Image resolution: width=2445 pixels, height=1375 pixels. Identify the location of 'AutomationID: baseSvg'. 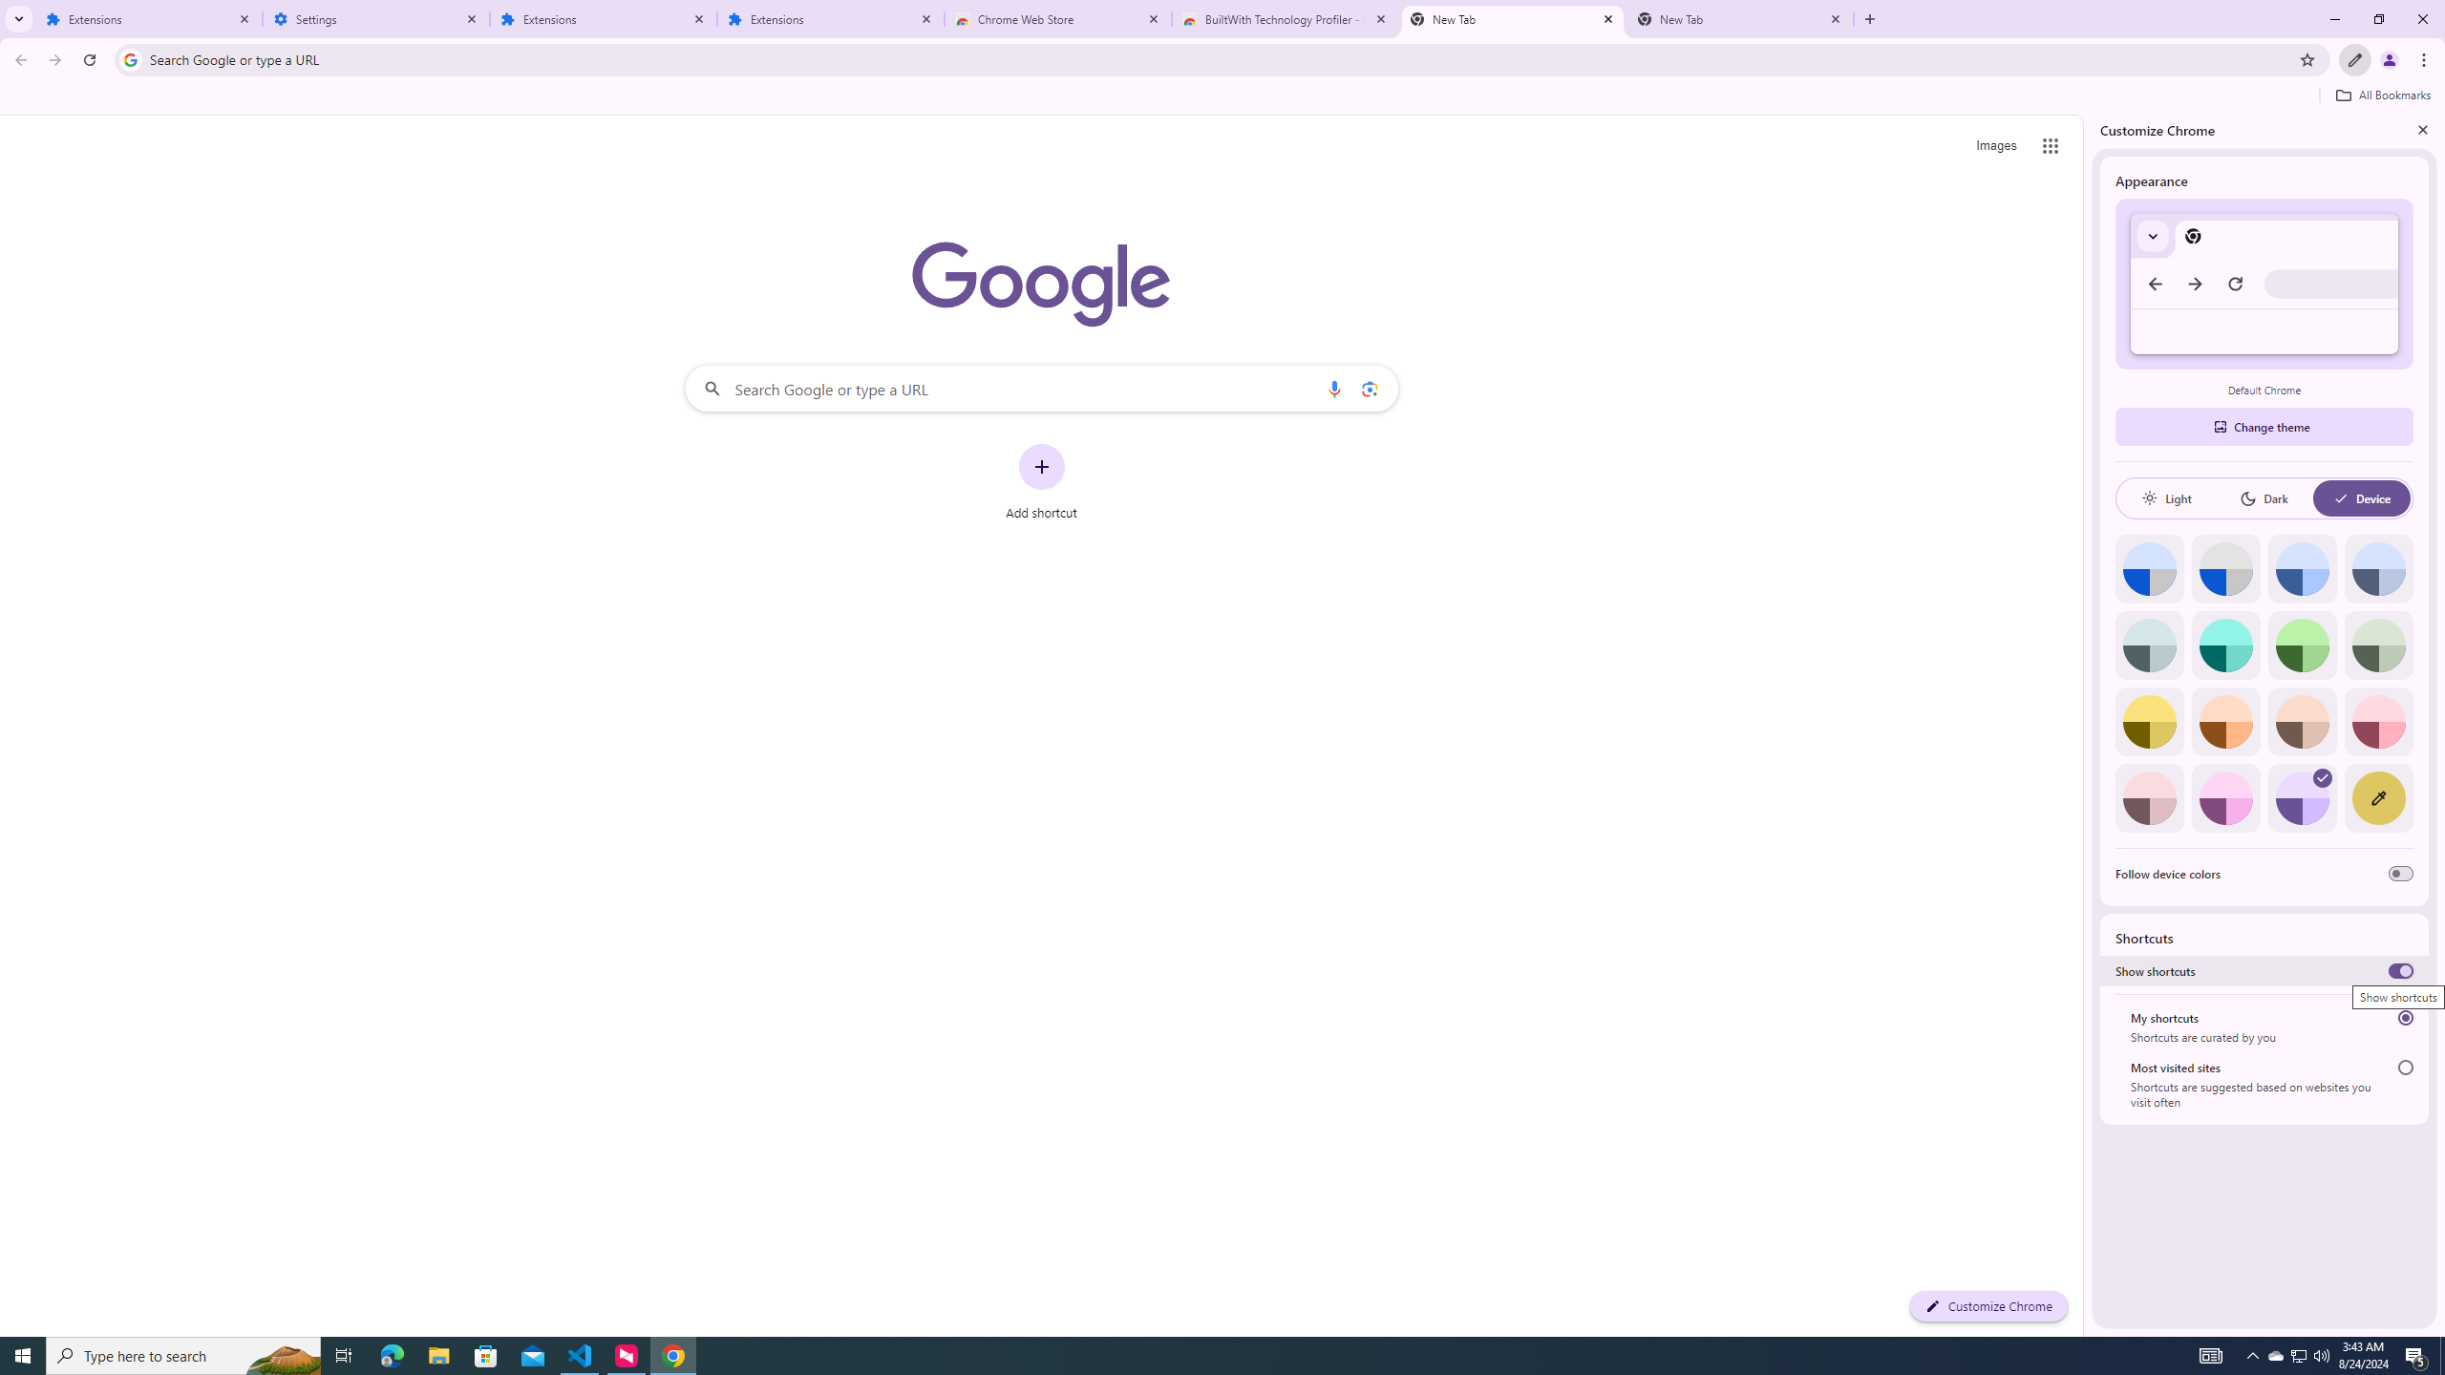
(2340, 497).